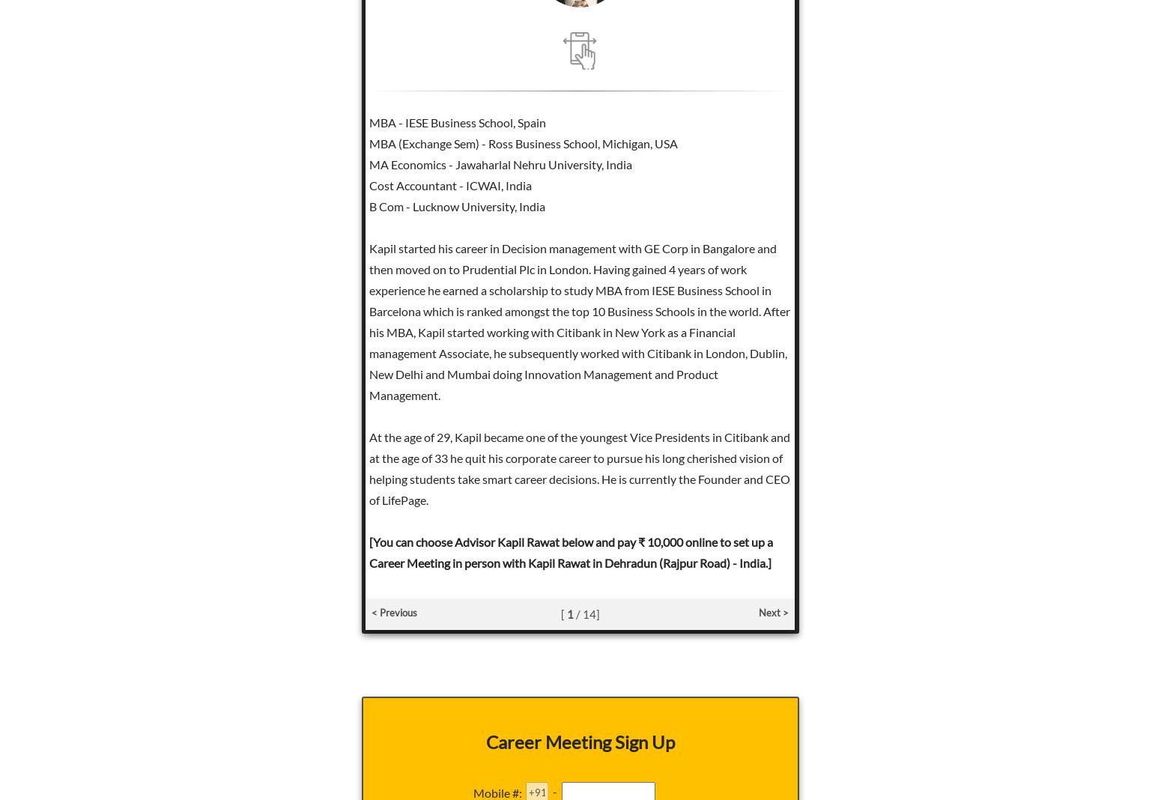 Image resolution: width=1161 pixels, height=800 pixels. I want to click on '[You can choose Advisor Kapil Rawat below and pay ₹ 10,000 online to set up a Career Meeting in person with Kapil Rawat in Dehradun (Rajpur Road) - India.]', so click(367, 551).